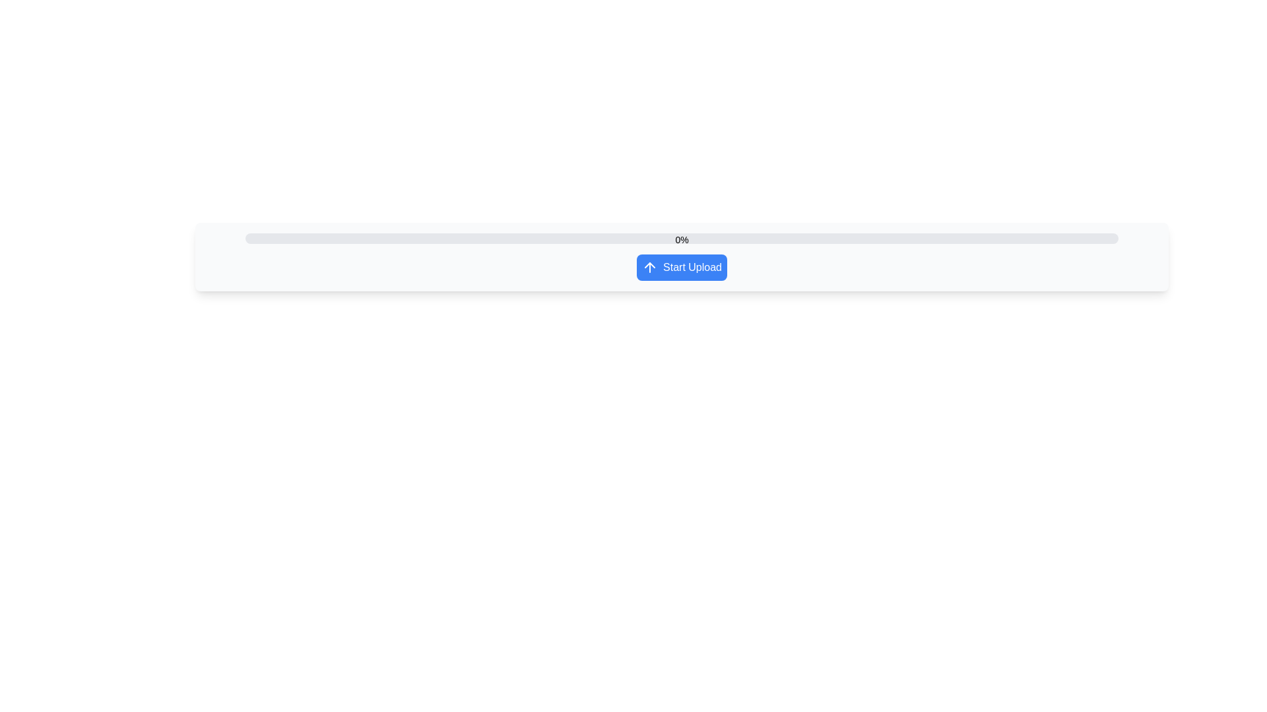 This screenshot has height=712, width=1267. I want to click on the upward pointing arrow icon within the blue button labeled 'Start Upload', located to the left of the text, so click(649, 267).